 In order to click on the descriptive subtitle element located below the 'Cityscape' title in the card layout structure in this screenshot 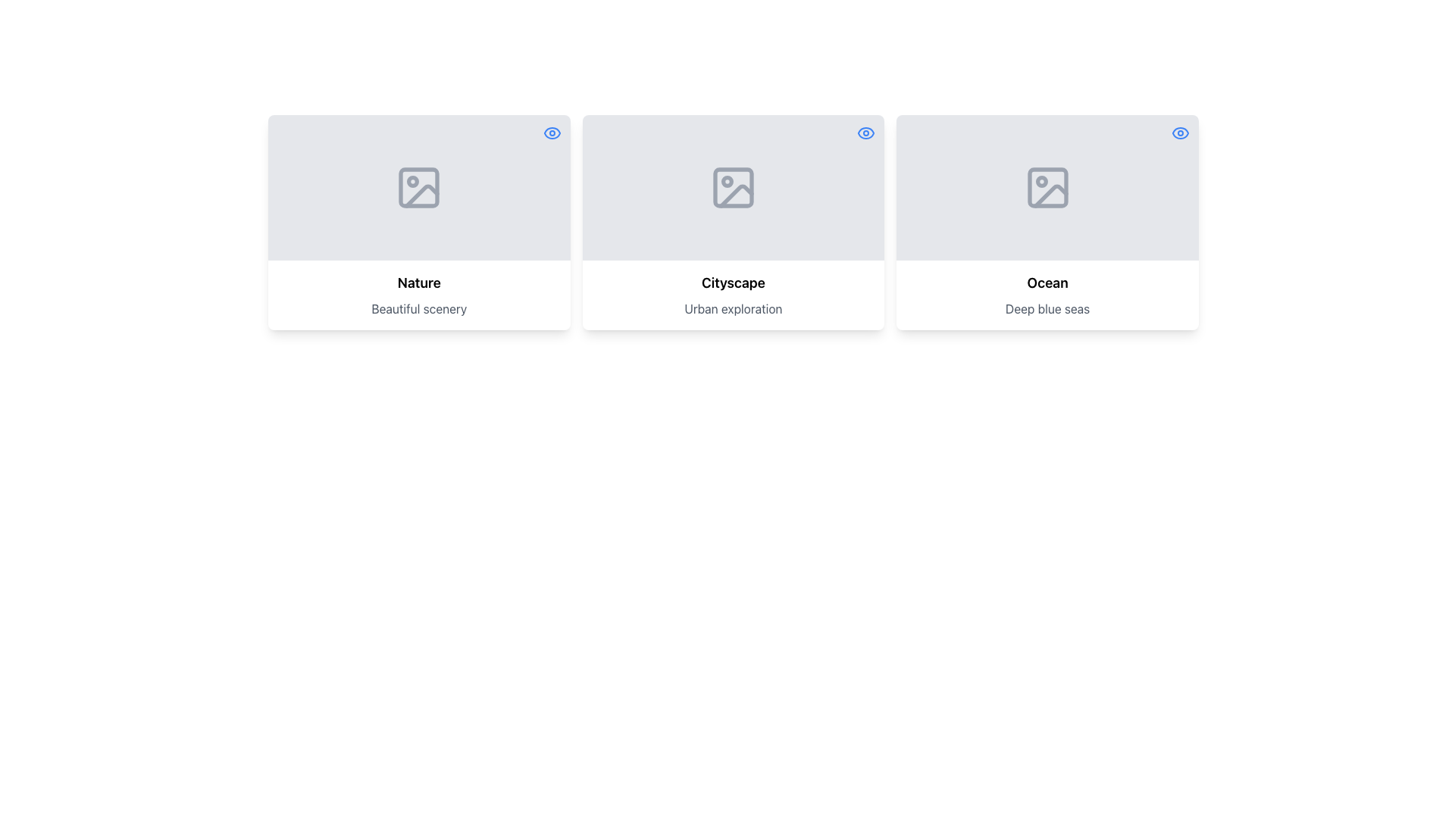, I will do `click(734, 308)`.